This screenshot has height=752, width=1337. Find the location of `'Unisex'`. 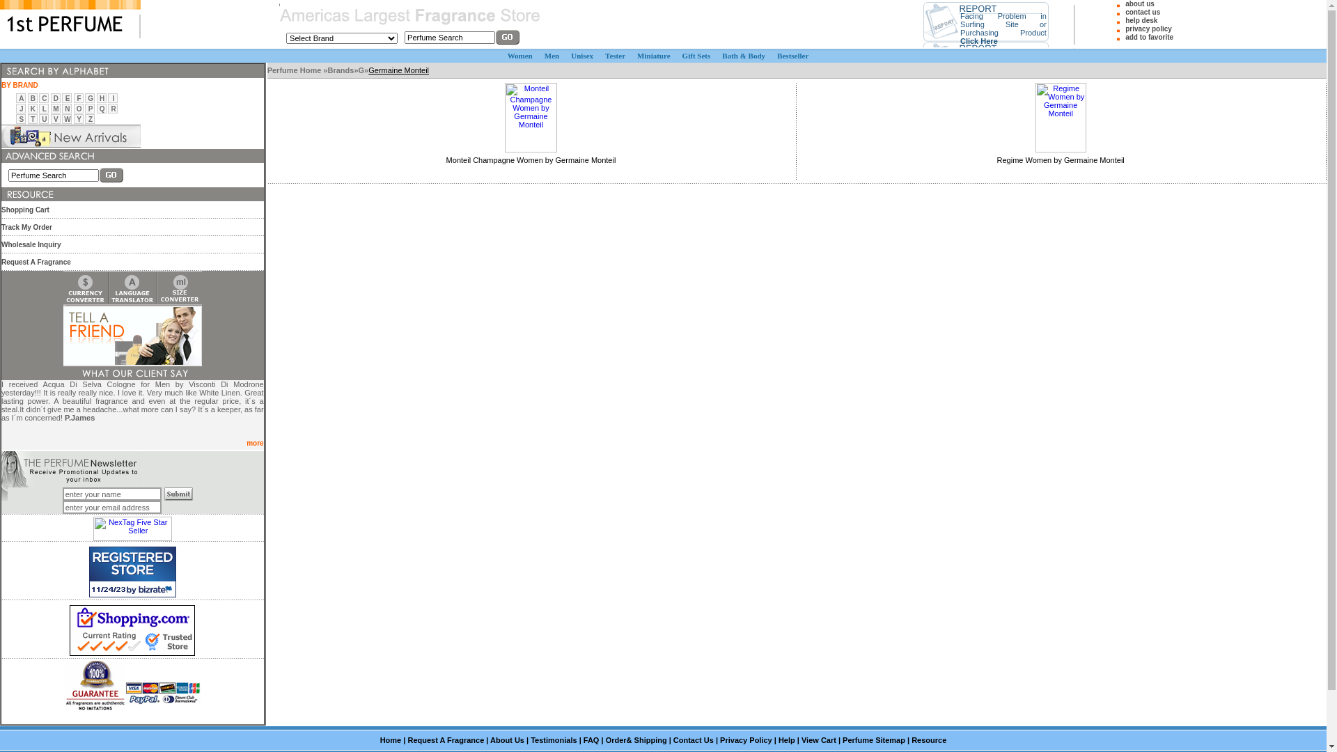

'Unisex' is located at coordinates (581, 55).